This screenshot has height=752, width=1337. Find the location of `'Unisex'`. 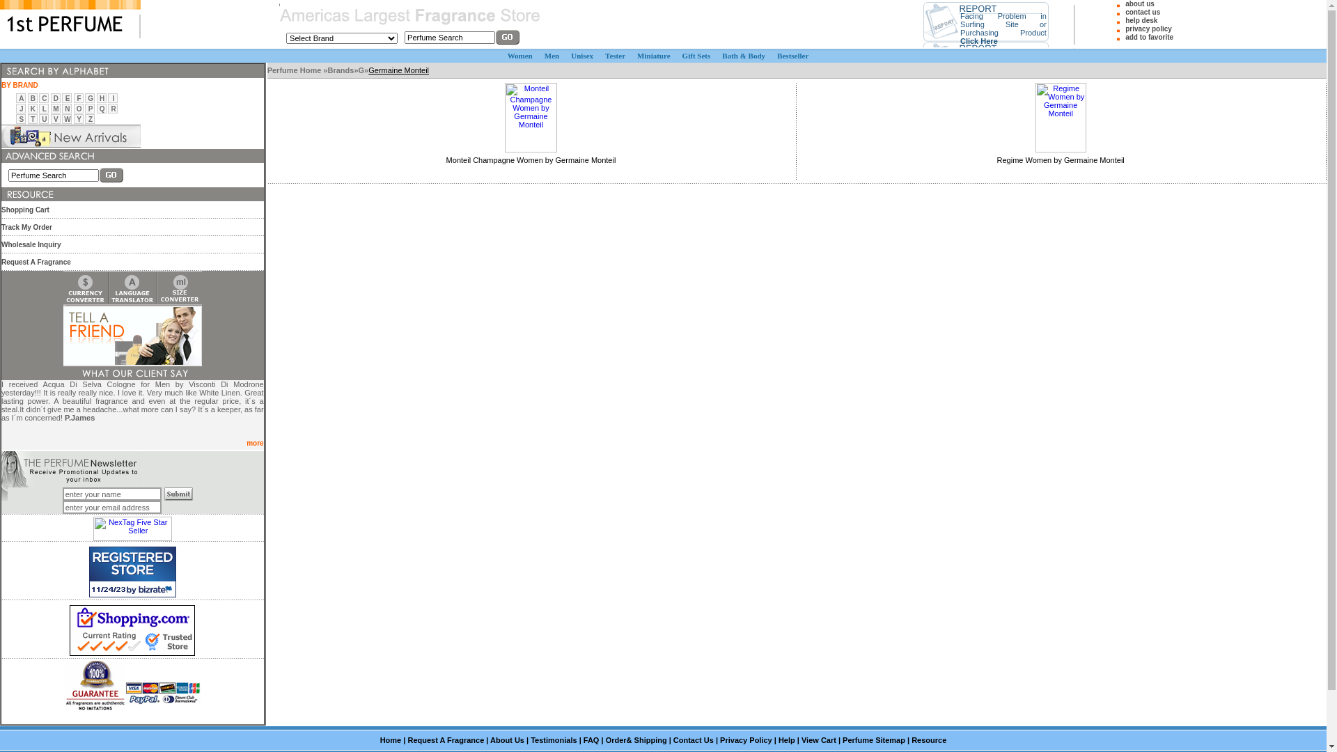

'Unisex' is located at coordinates (581, 55).